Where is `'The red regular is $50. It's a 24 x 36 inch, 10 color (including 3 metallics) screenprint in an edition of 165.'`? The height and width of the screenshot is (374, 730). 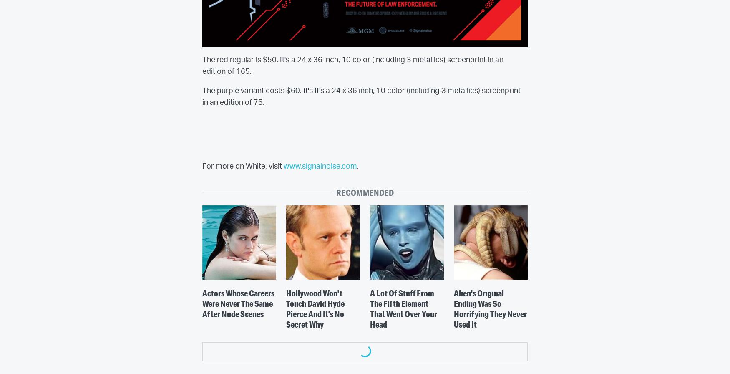
'The red regular is $50. It's a 24 x 36 inch, 10 color (including 3 metallics) screenprint in an edition of 165.' is located at coordinates (352, 66).